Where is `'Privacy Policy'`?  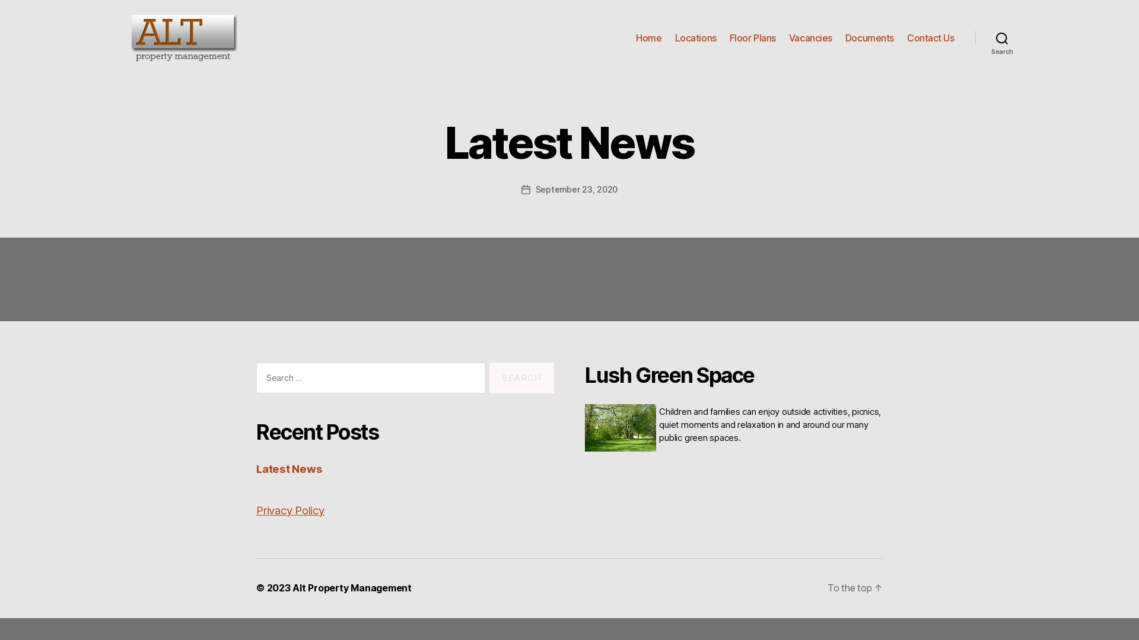 'Privacy Policy' is located at coordinates (290, 509).